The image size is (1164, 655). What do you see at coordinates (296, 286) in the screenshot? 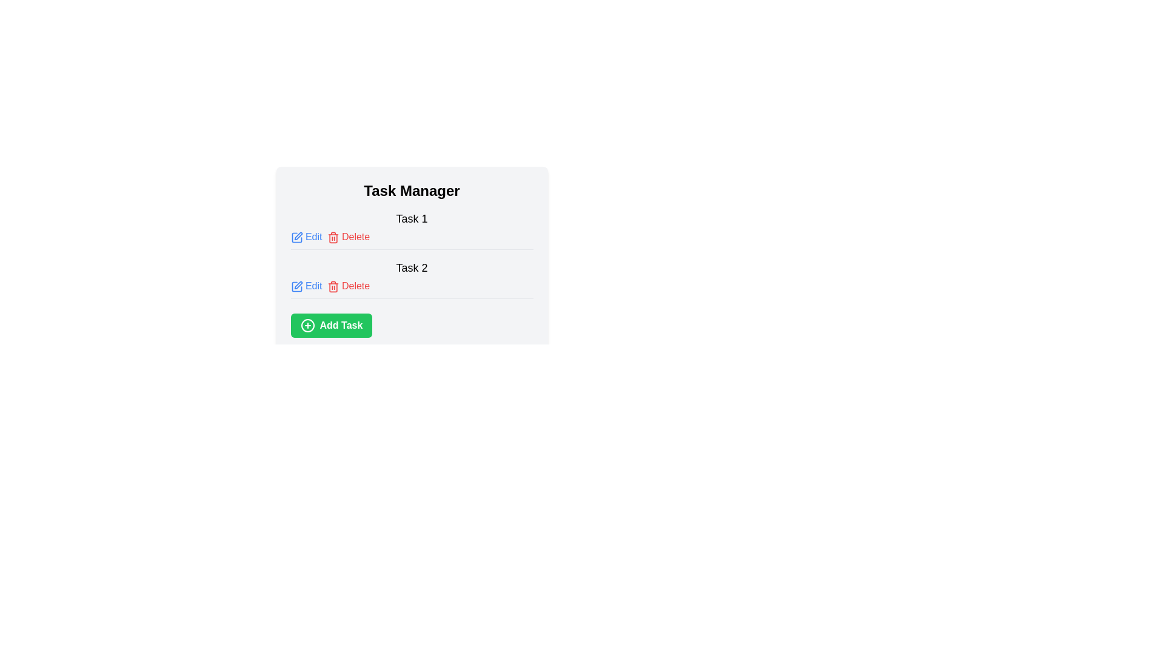
I see `the small blue pen icon for editing, located to the left of the 'Delete' button for 'Task 2' in the task manager interface` at bounding box center [296, 286].